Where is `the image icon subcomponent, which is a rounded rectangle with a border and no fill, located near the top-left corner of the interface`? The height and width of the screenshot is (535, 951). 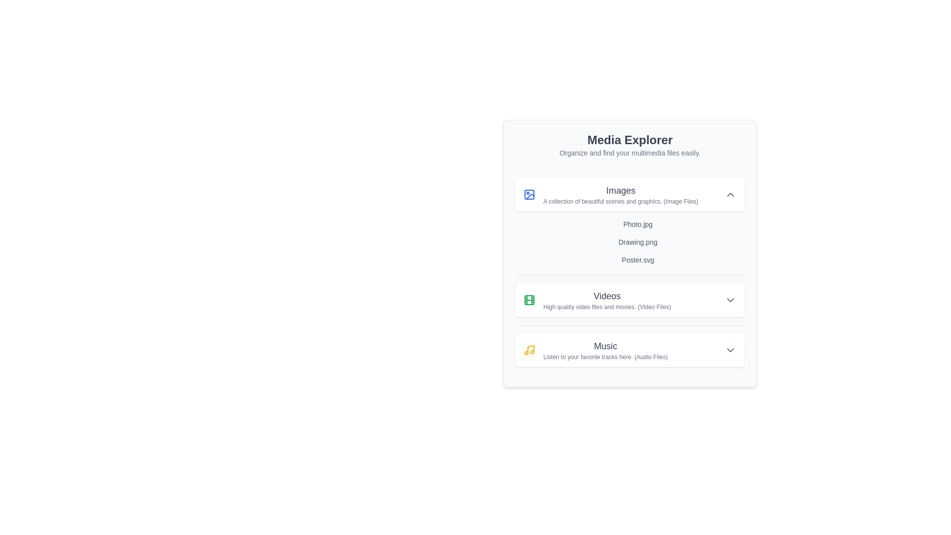
the image icon subcomponent, which is a rounded rectangle with a border and no fill, located near the top-left corner of the interface is located at coordinates (529, 195).